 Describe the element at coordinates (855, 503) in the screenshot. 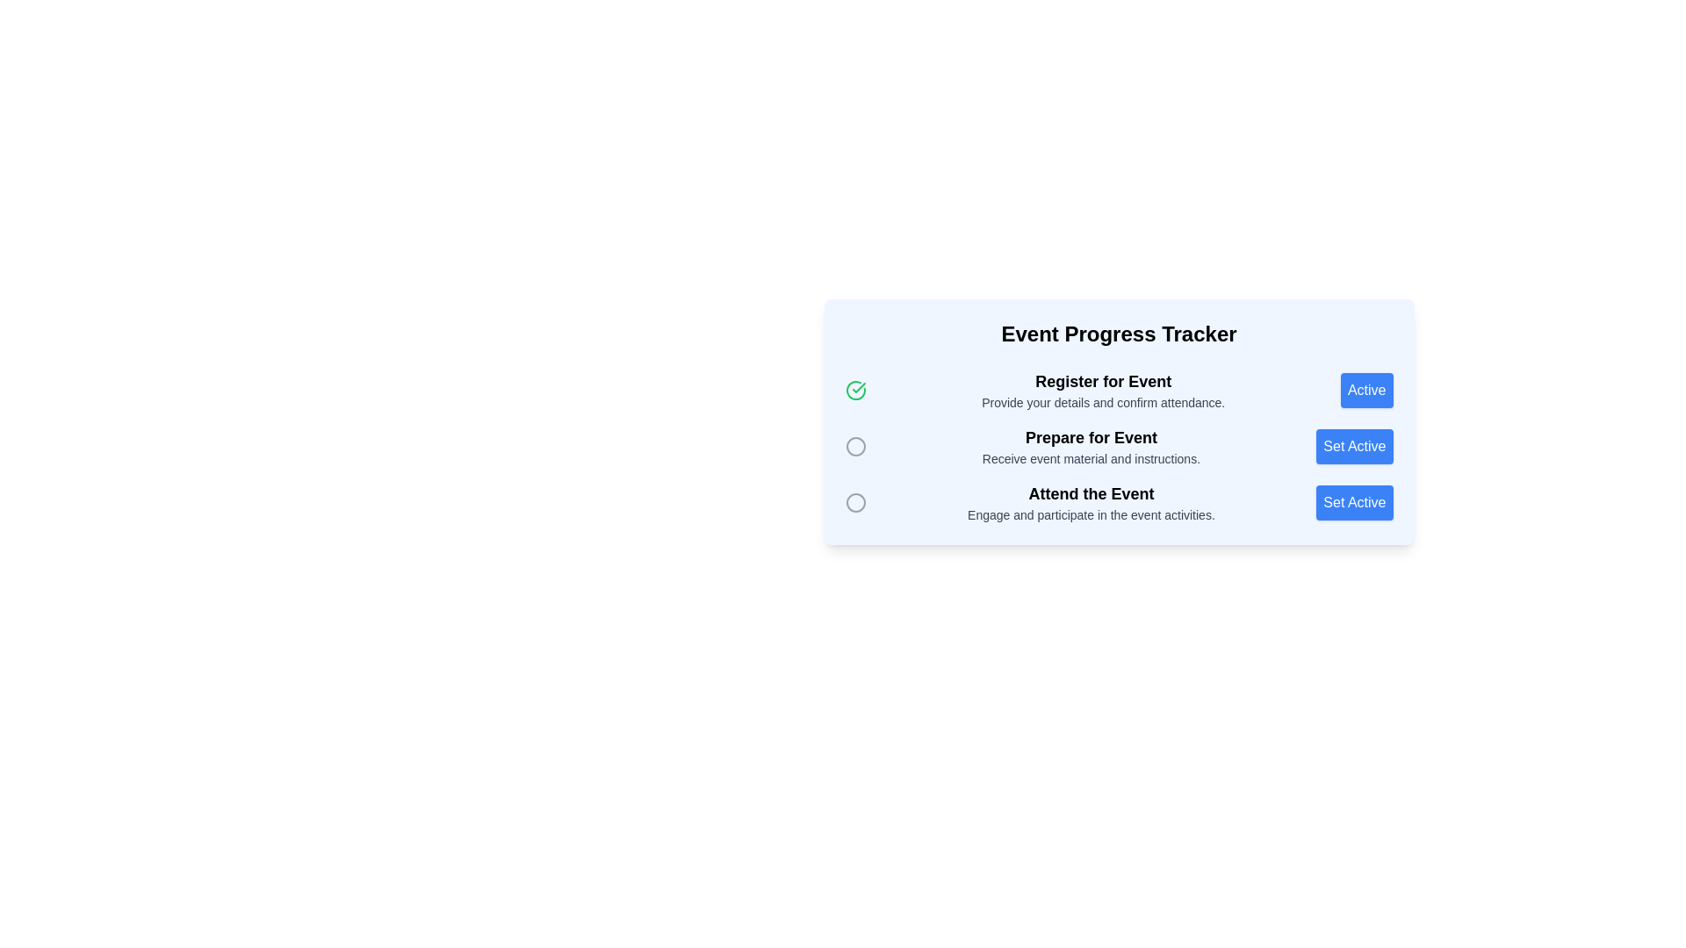

I see `the second circular indicator icon in the vertical sequence, which serves as a visual indicator for progress tracking or status representation` at that location.